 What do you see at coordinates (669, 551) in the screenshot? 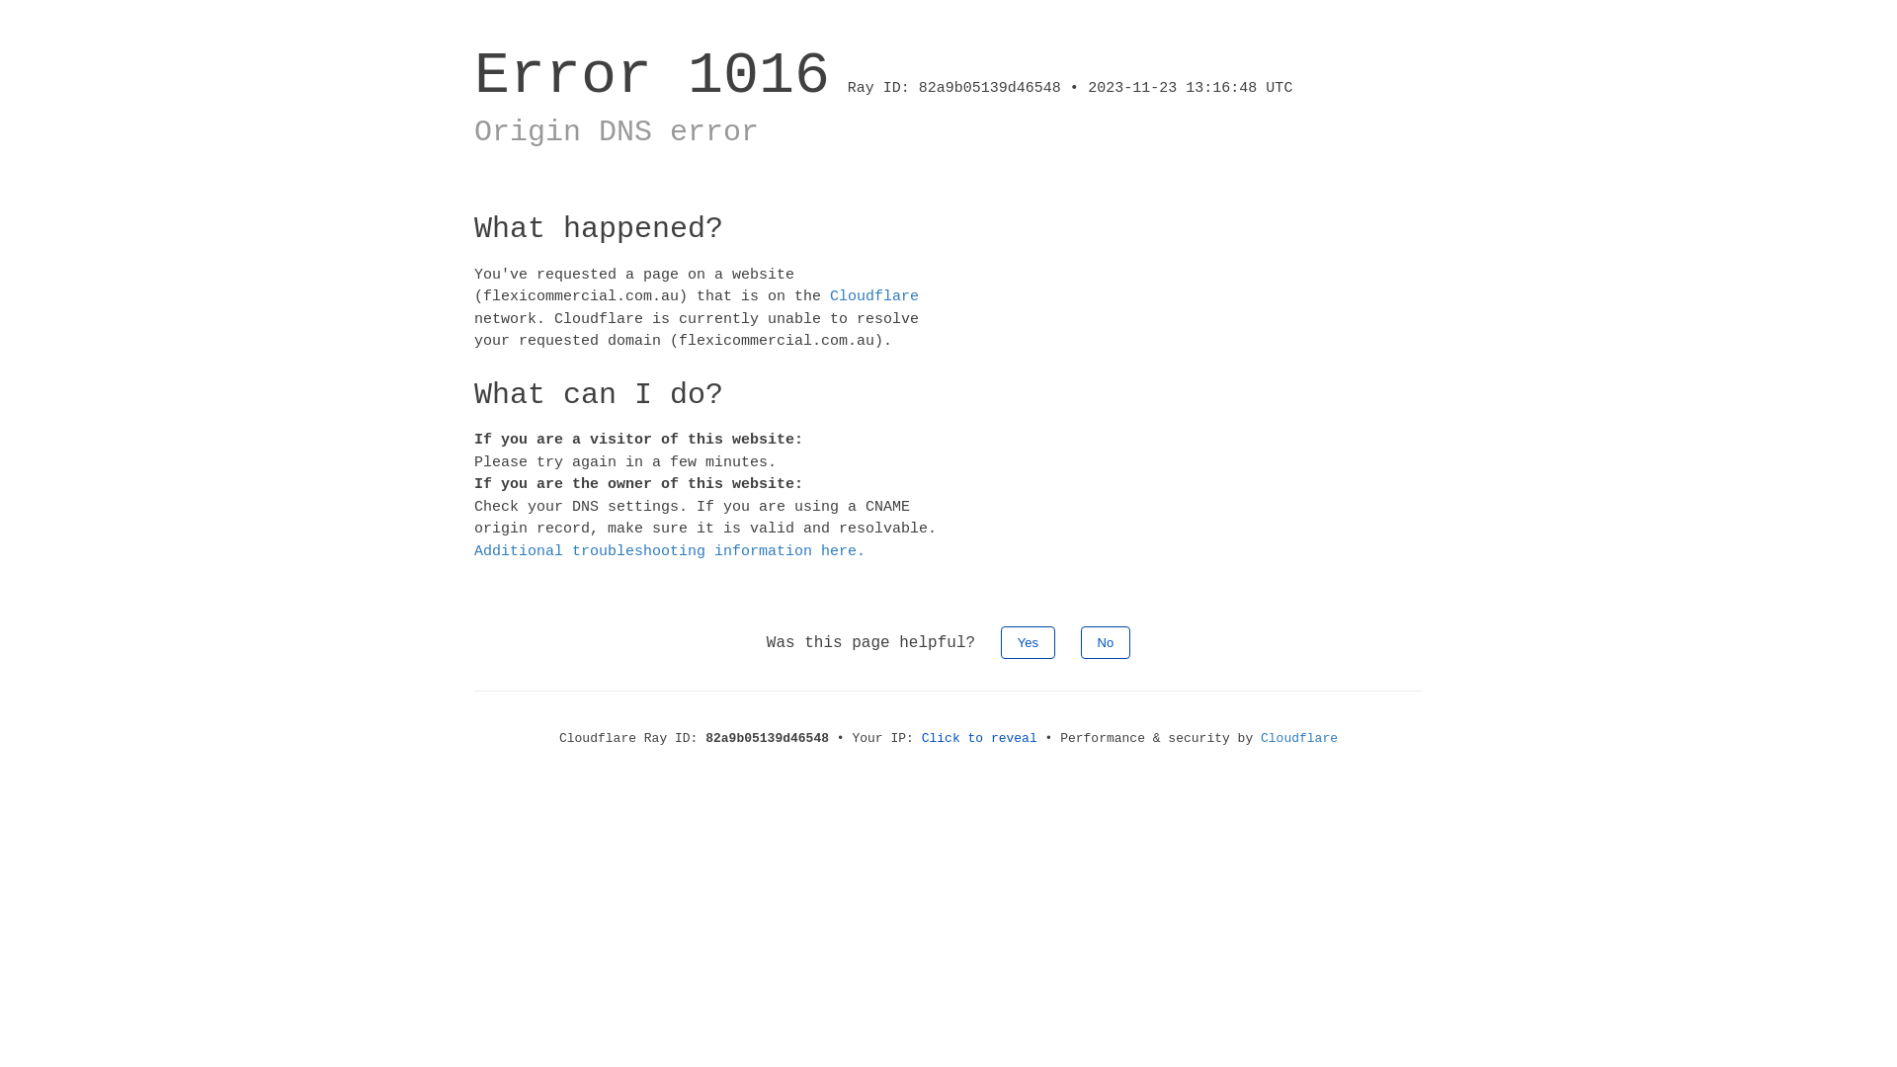
I see `'Additional troubleshooting information here.'` at bounding box center [669, 551].